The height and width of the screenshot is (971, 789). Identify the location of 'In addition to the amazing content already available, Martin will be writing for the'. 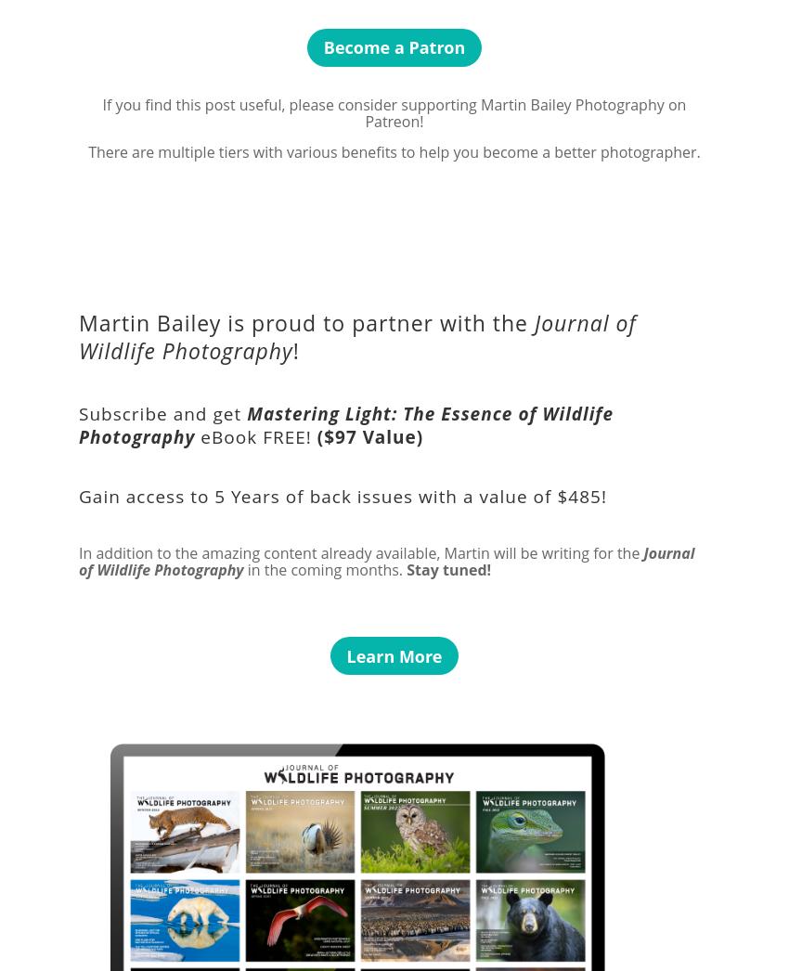
(79, 551).